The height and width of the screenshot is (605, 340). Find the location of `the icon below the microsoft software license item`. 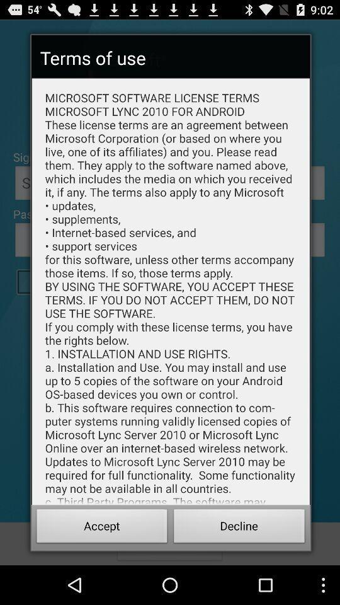

the icon below the microsoft software license item is located at coordinates (239, 527).